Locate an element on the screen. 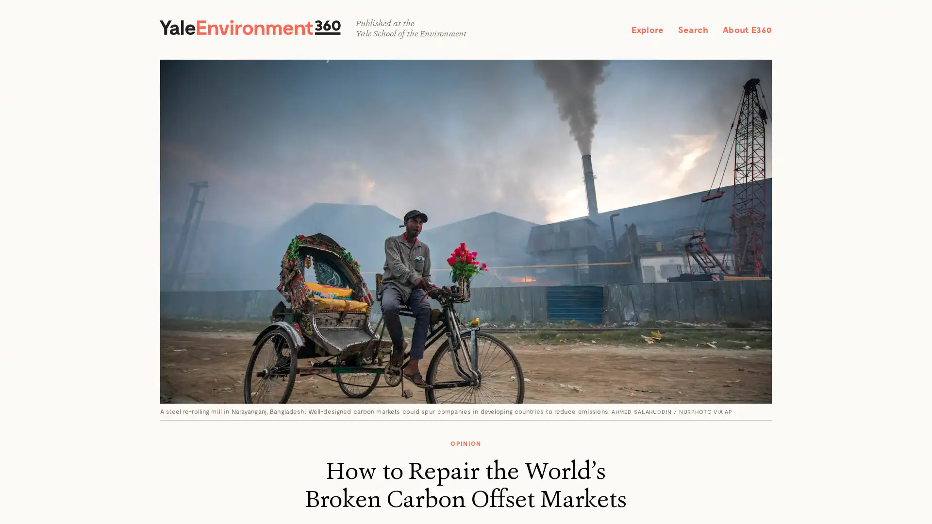  CLOSE is located at coordinates (907, 24).